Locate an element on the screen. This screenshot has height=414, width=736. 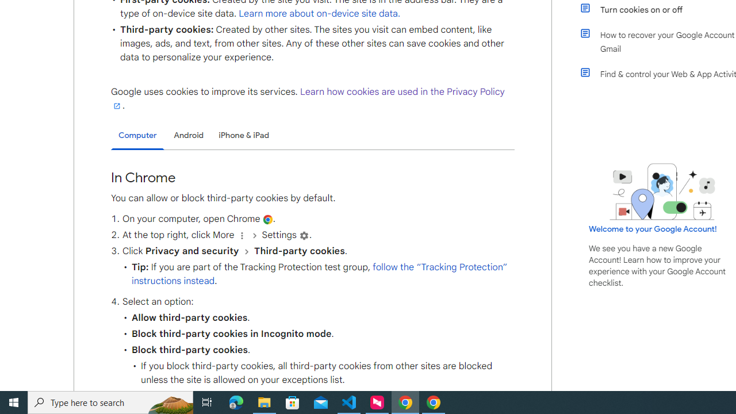
'Welcome to your Google Account!' is located at coordinates (653, 228).